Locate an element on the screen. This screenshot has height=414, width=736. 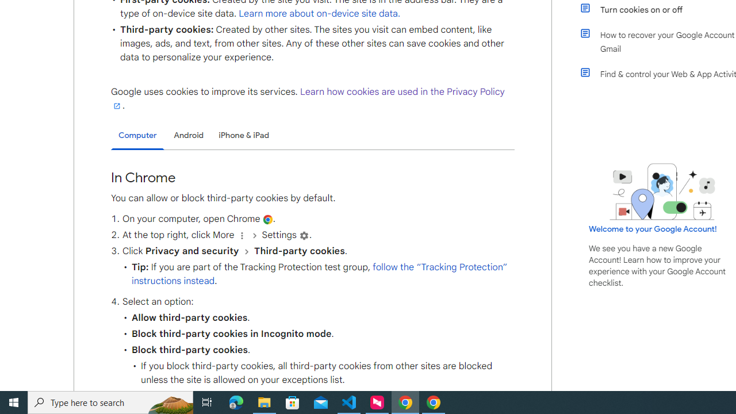
'Welcome to your Google Account!' is located at coordinates (653, 228).